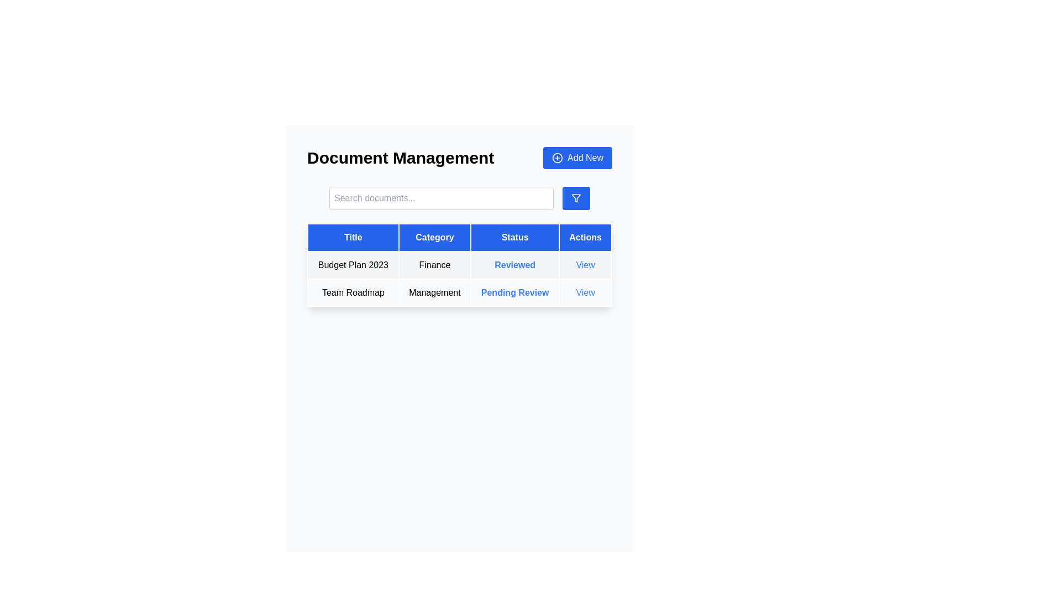 This screenshot has width=1061, height=597. What do you see at coordinates (434, 237) in the screenshot?
I see `the 'Category' table header element, which is the second element in the header row of a table that includes 'Title', 'Category', 'Status', and 'Actions'` at bounding box center [434, 237].